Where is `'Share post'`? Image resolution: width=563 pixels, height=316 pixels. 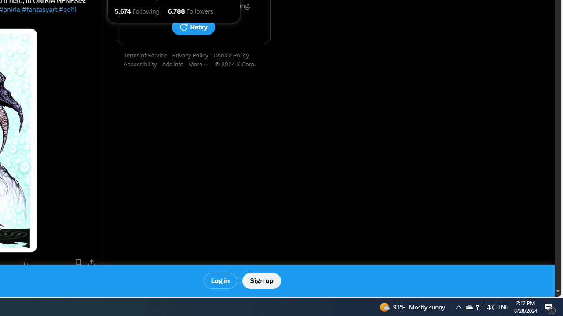 'Share post' is located at coordinates (91, 262).